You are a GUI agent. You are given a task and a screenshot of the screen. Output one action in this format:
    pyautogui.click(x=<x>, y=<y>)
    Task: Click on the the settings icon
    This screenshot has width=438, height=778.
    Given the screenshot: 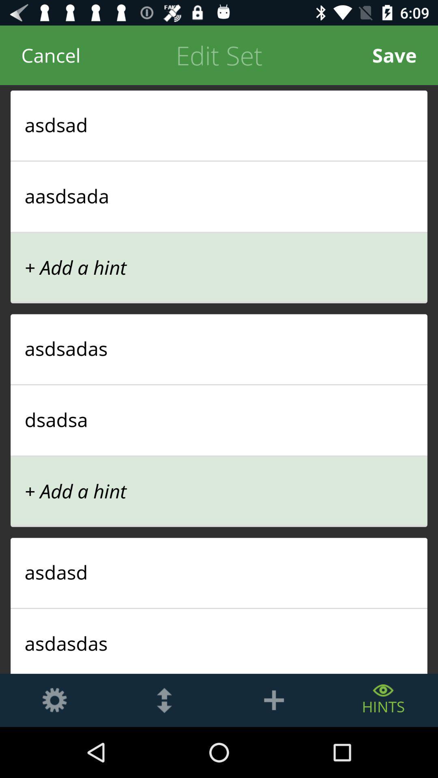 What is the action you would take?
    pyautogui.click(x=55, y=700)
    